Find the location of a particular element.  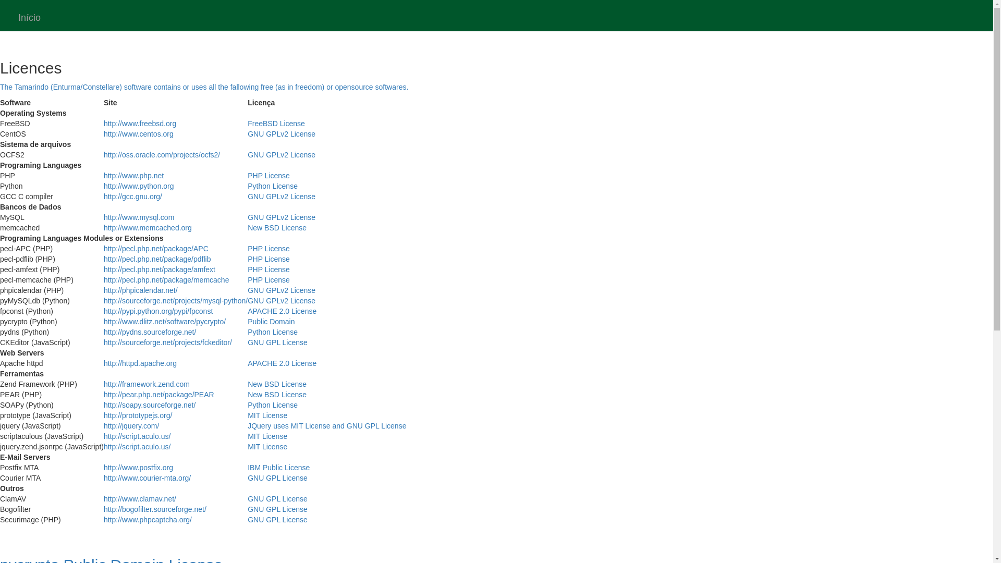

'http://gcc.gnu.org/' is located at coordinates (132, 197).